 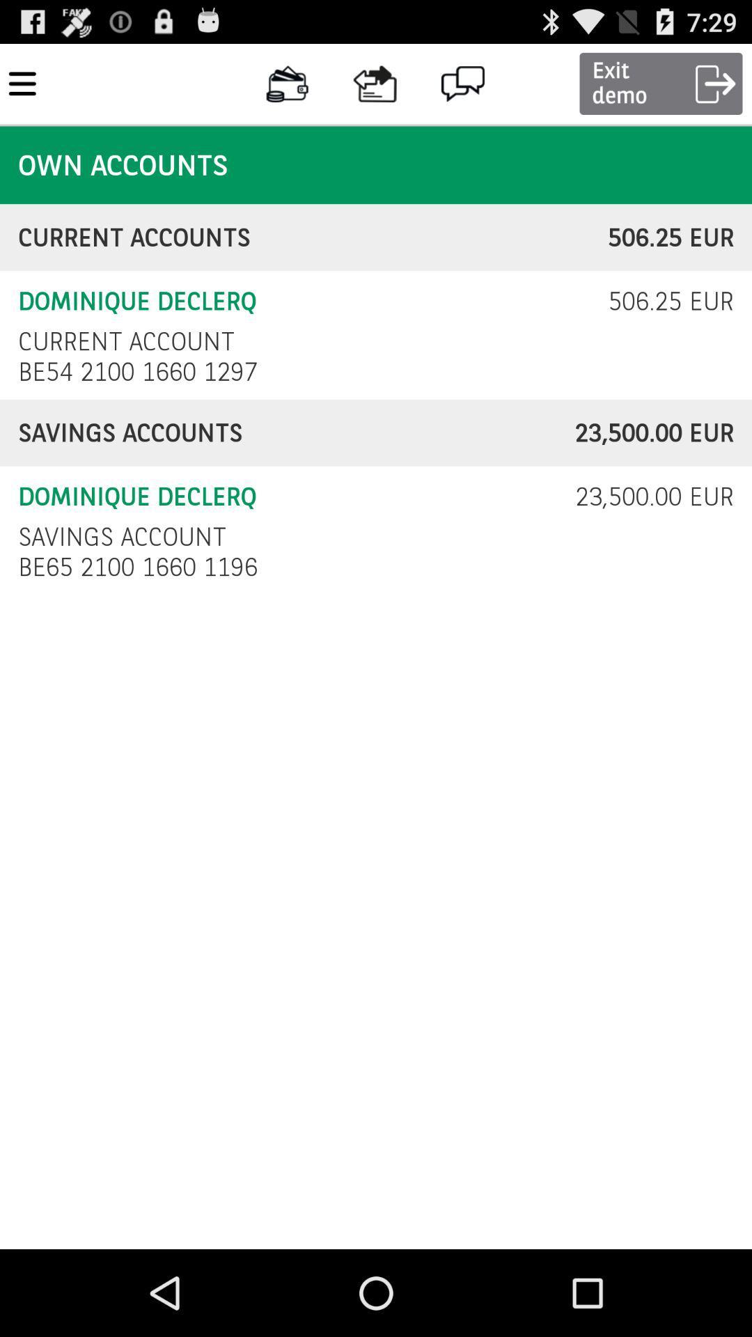 What do you see at coordinates (141, 567) in the screenshot?
I see `the icon below savings account` at bounding box center [141, 567].